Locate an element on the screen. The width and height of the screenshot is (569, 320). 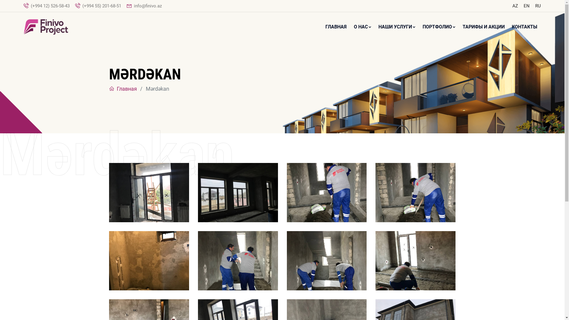
'RU' is located at coordinates (538, 6).